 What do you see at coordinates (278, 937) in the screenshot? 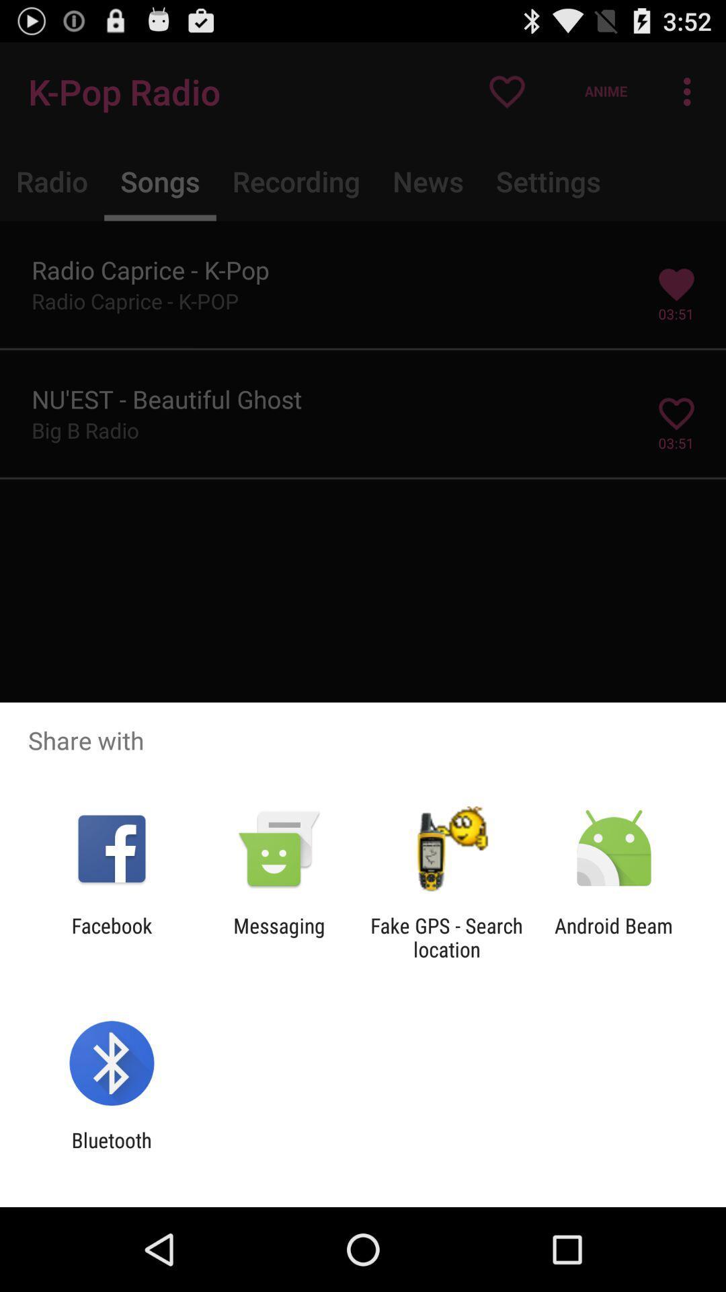
I see `icon to the left of fake gps search` at bounding box center [278, 937].